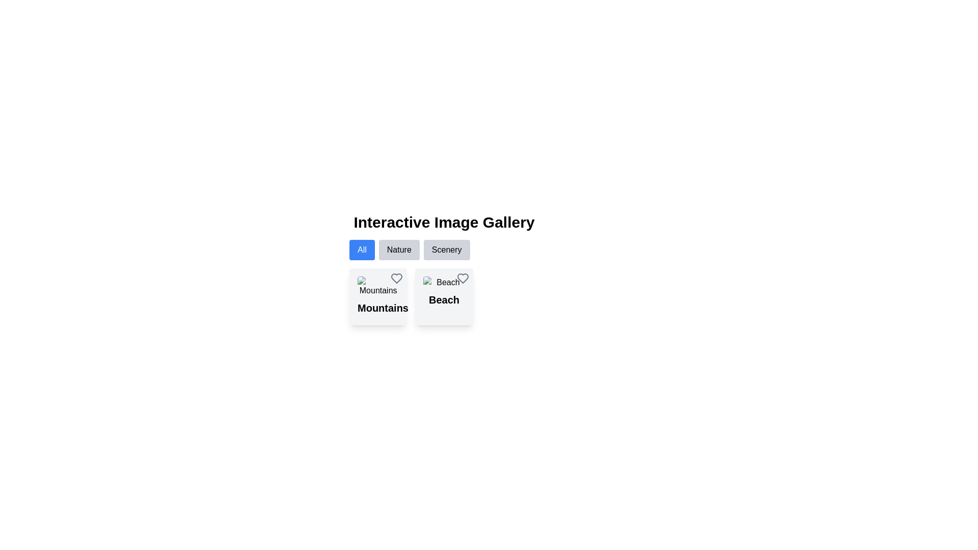 This screenshot has width=978, height=550. Describe the element at coordinates (462, 279) in the screenshot. I see `the heart-shaped icon button` at that location.